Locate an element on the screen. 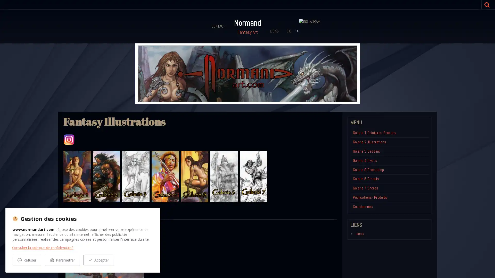  Refuser is located at coordinates (27, 260).